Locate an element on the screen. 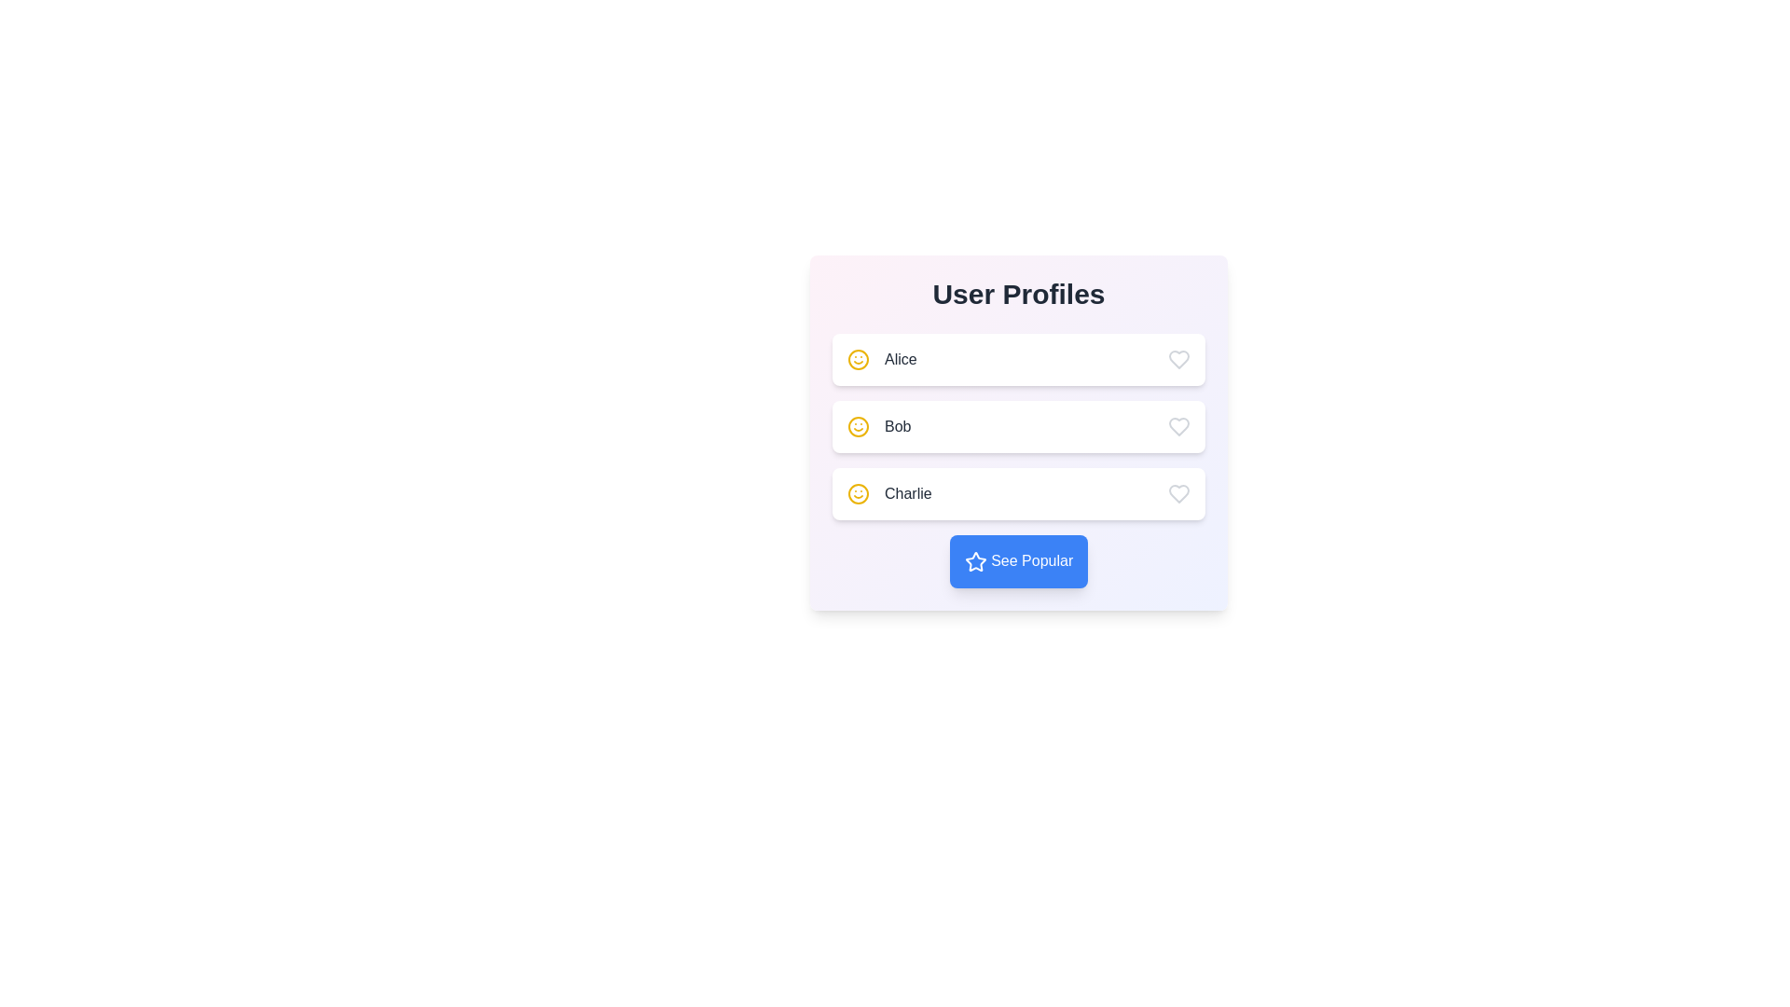 Image resolution: width=1790 pixels, height=1007 pixels. the text label displaying the name 'Charlie' in the third row of the profile list is located at coordinates (908, 492).